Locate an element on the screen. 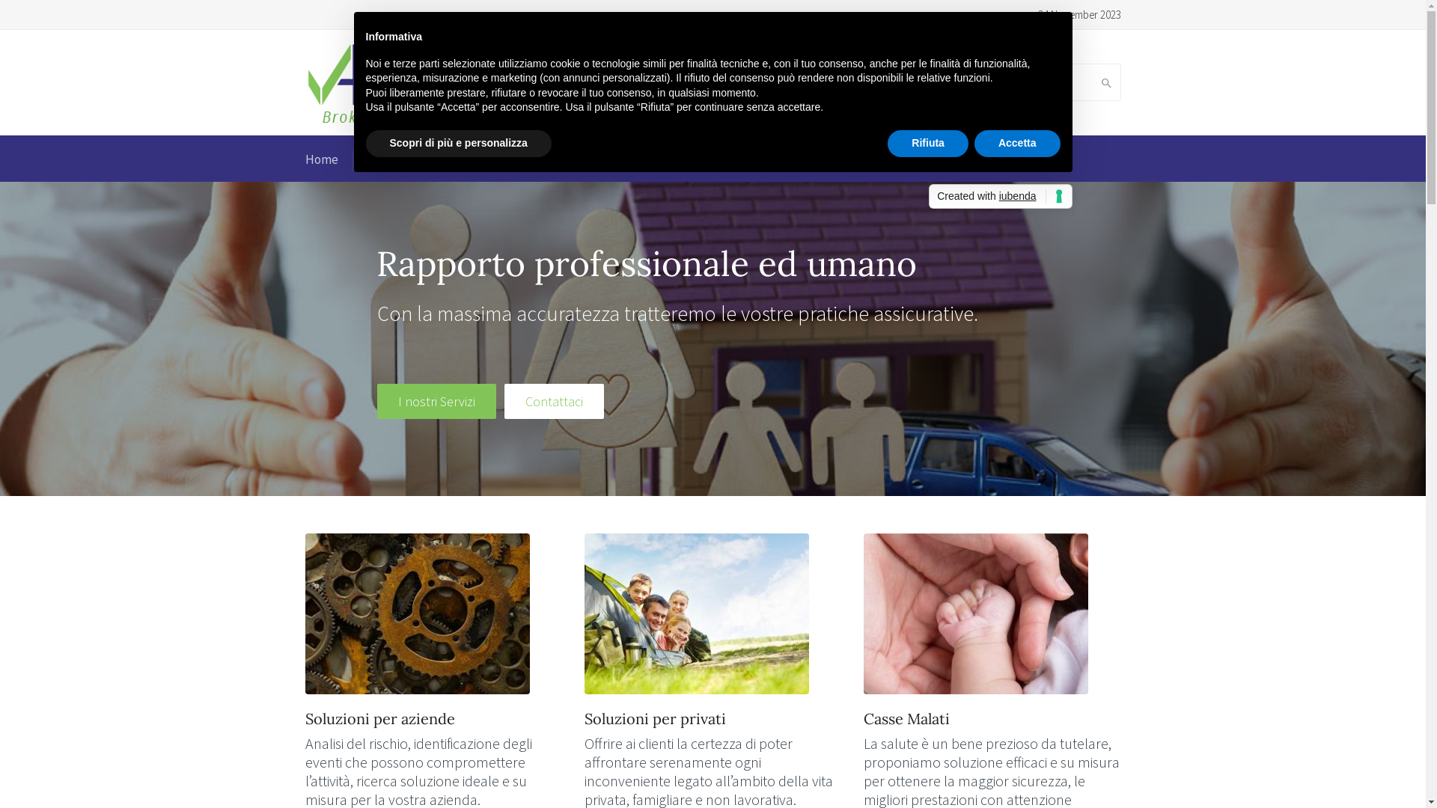 This screenshot has width=1437, height=808. 'Search' is located at coordinates (1102, 83).